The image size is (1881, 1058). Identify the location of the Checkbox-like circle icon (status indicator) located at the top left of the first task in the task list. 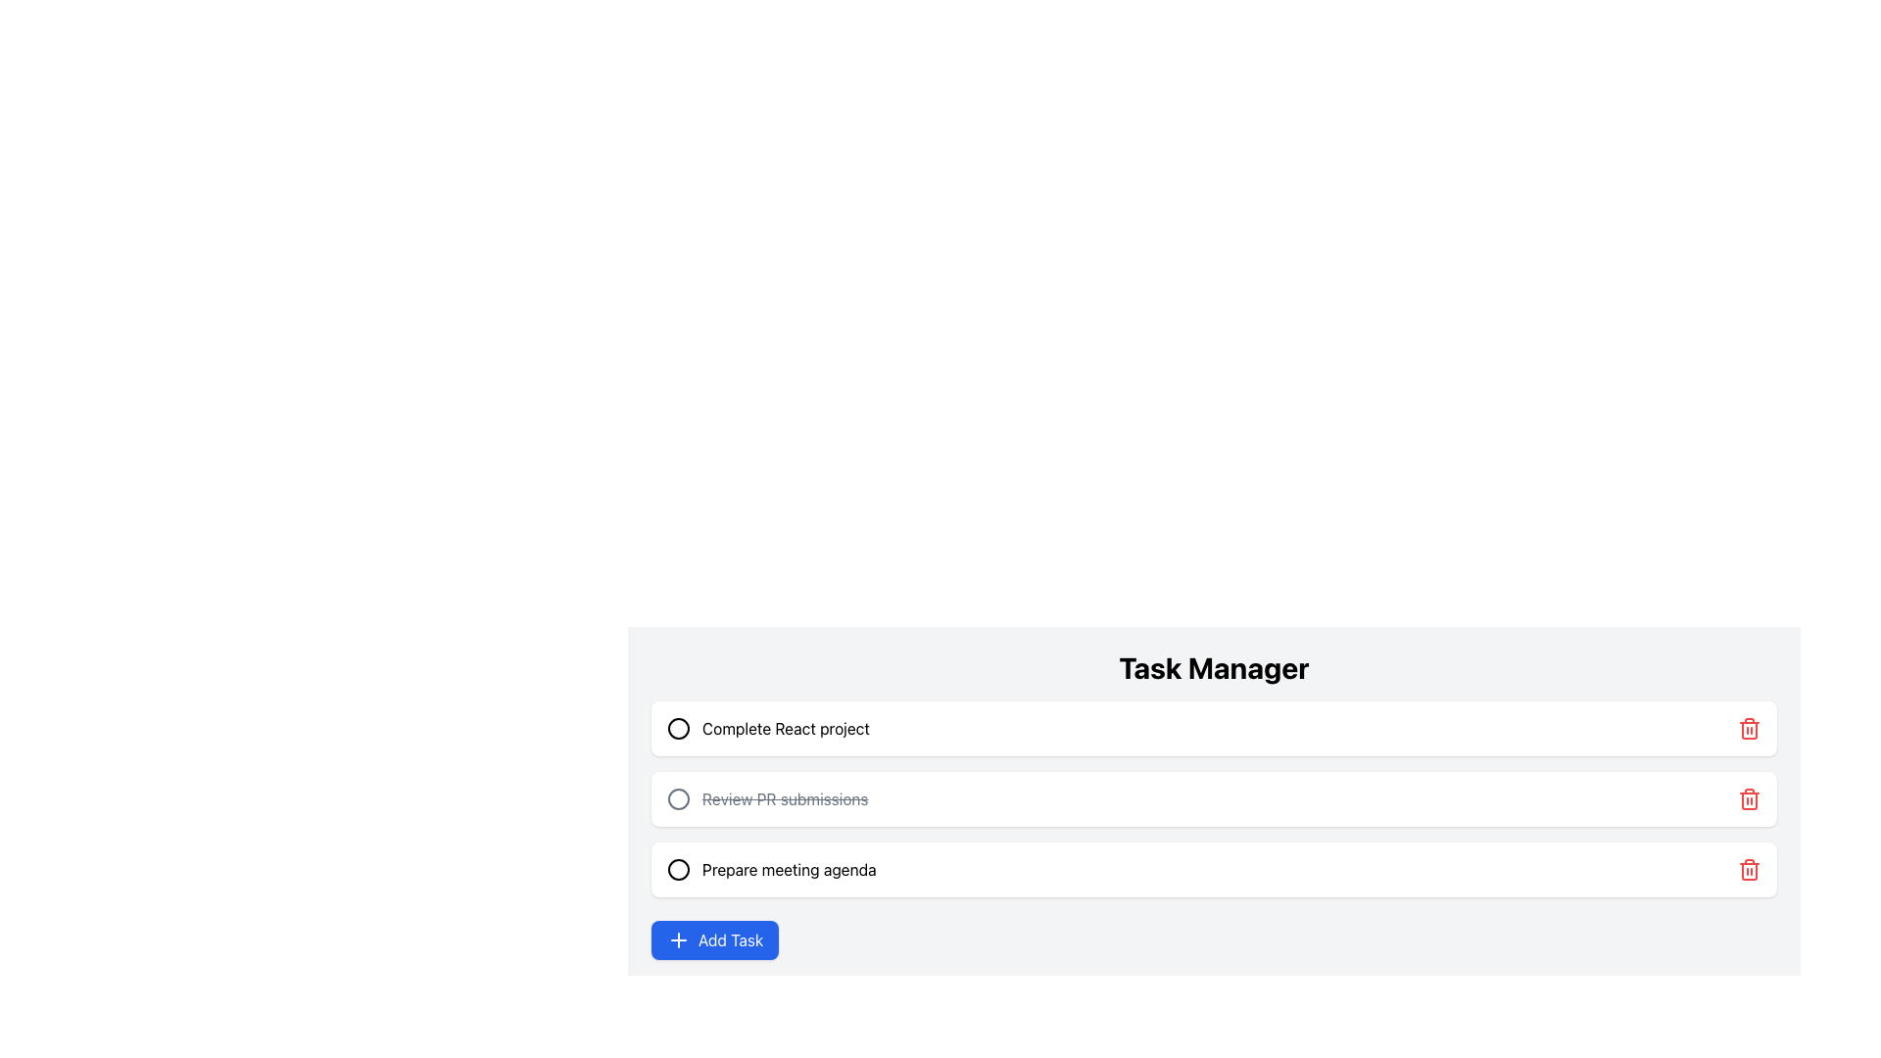
(678, 729).